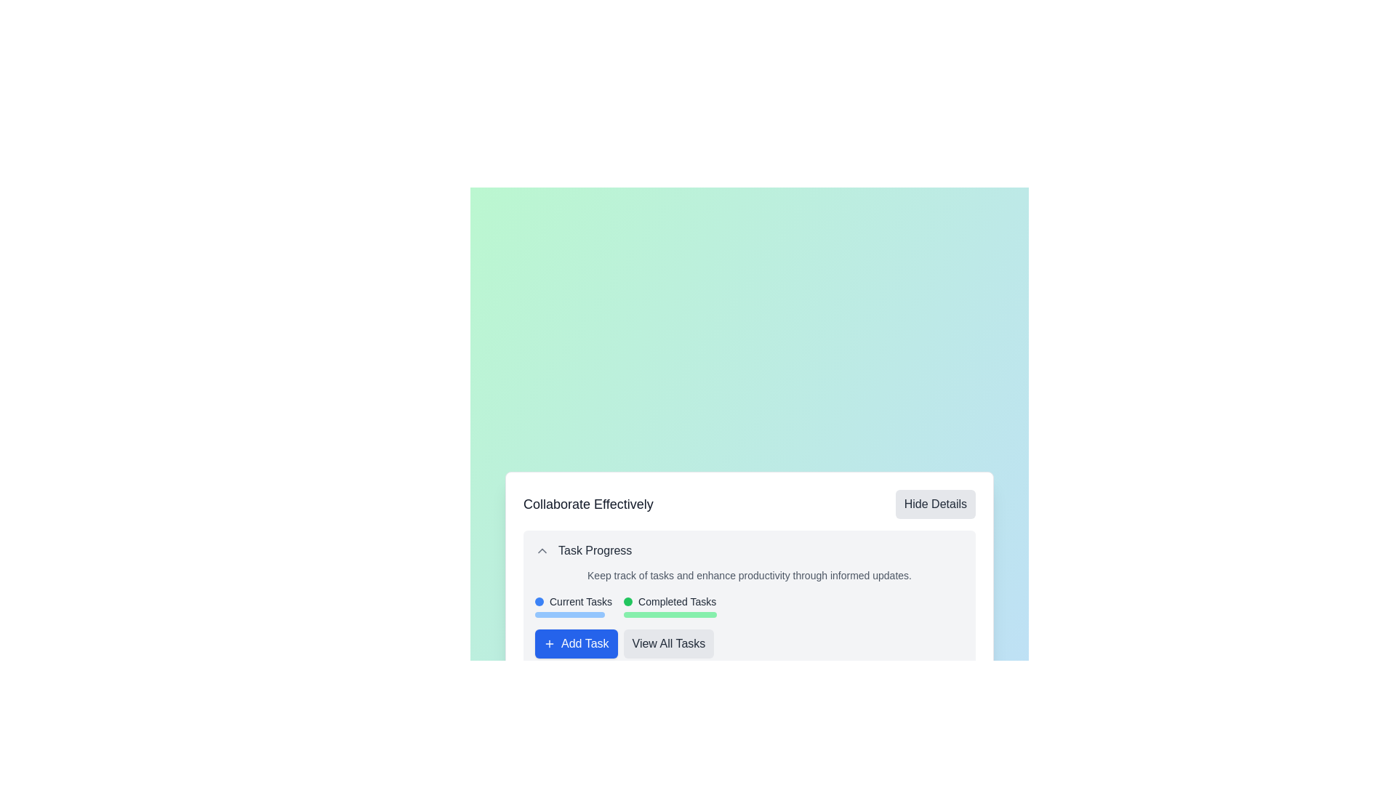 The height and width of the screenshot is (785, 1396). What do you see at coordinates (670, 602) in the screenshot?
I see `the green circular icon next to the 'Completed Tasks' text label` at bounding box center [670, 602].